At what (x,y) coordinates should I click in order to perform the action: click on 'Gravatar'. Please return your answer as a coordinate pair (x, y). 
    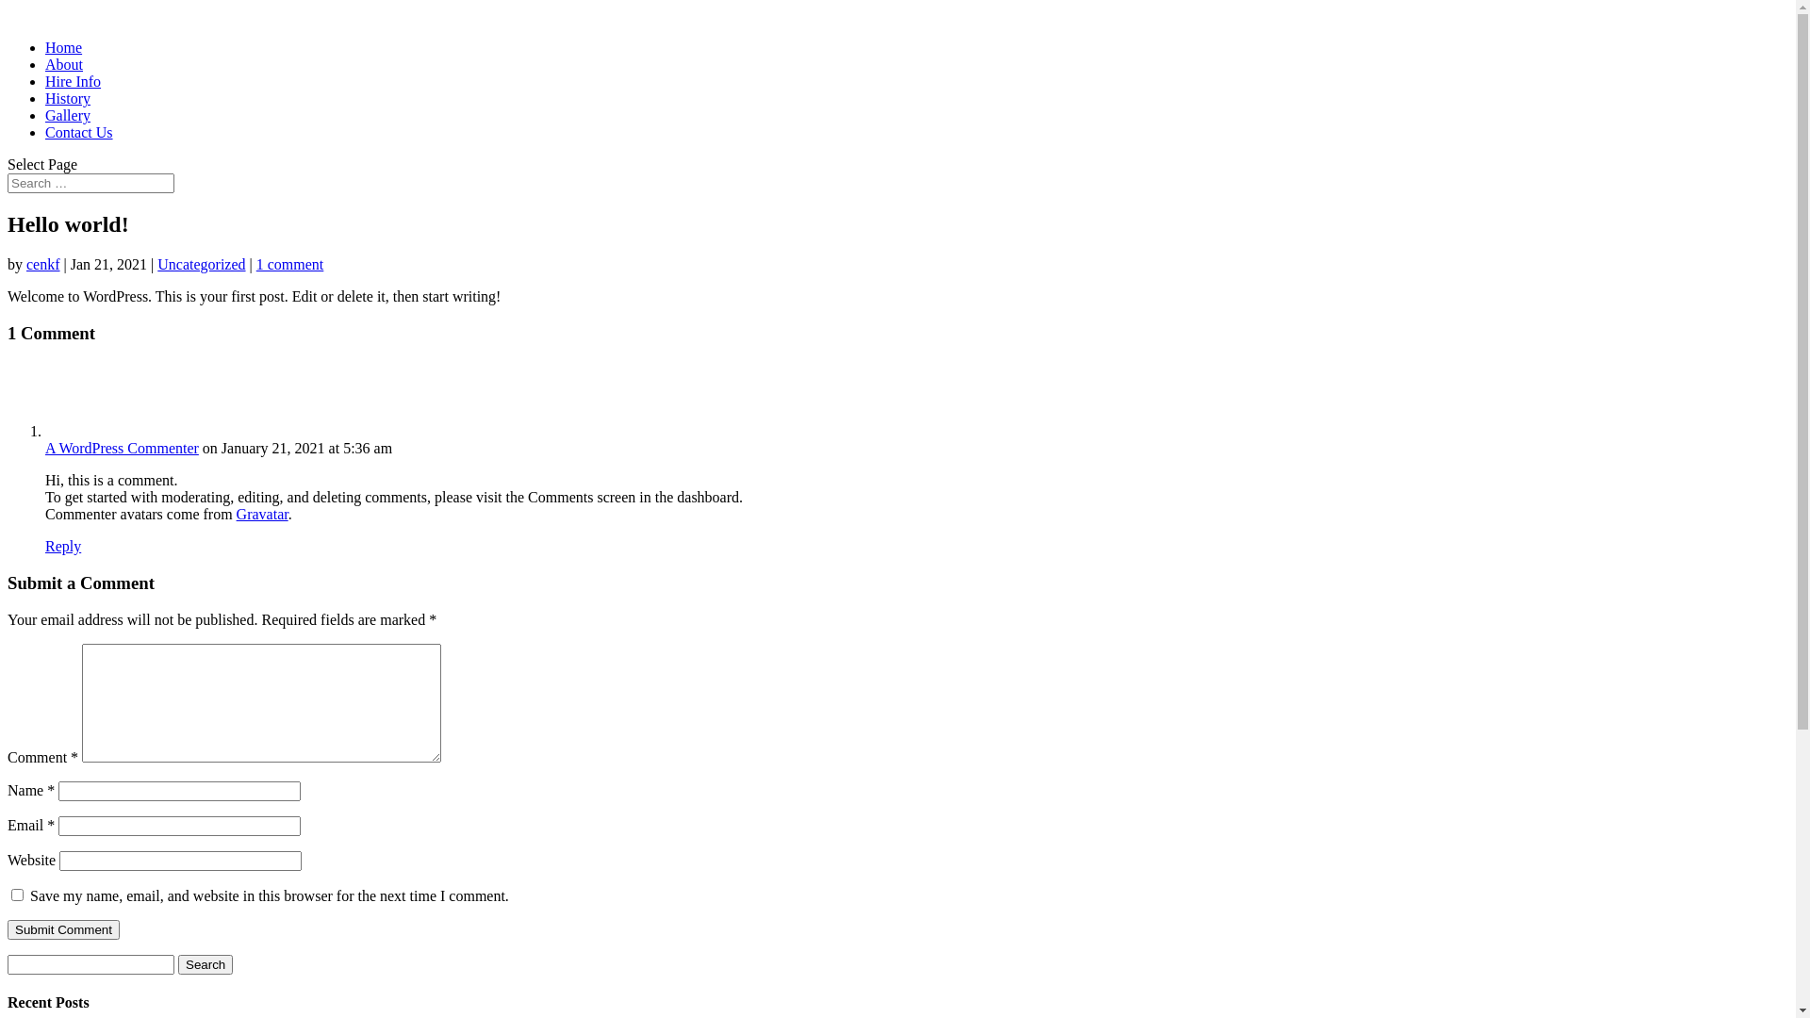
    Looking at the image, I should click on (261, 514).